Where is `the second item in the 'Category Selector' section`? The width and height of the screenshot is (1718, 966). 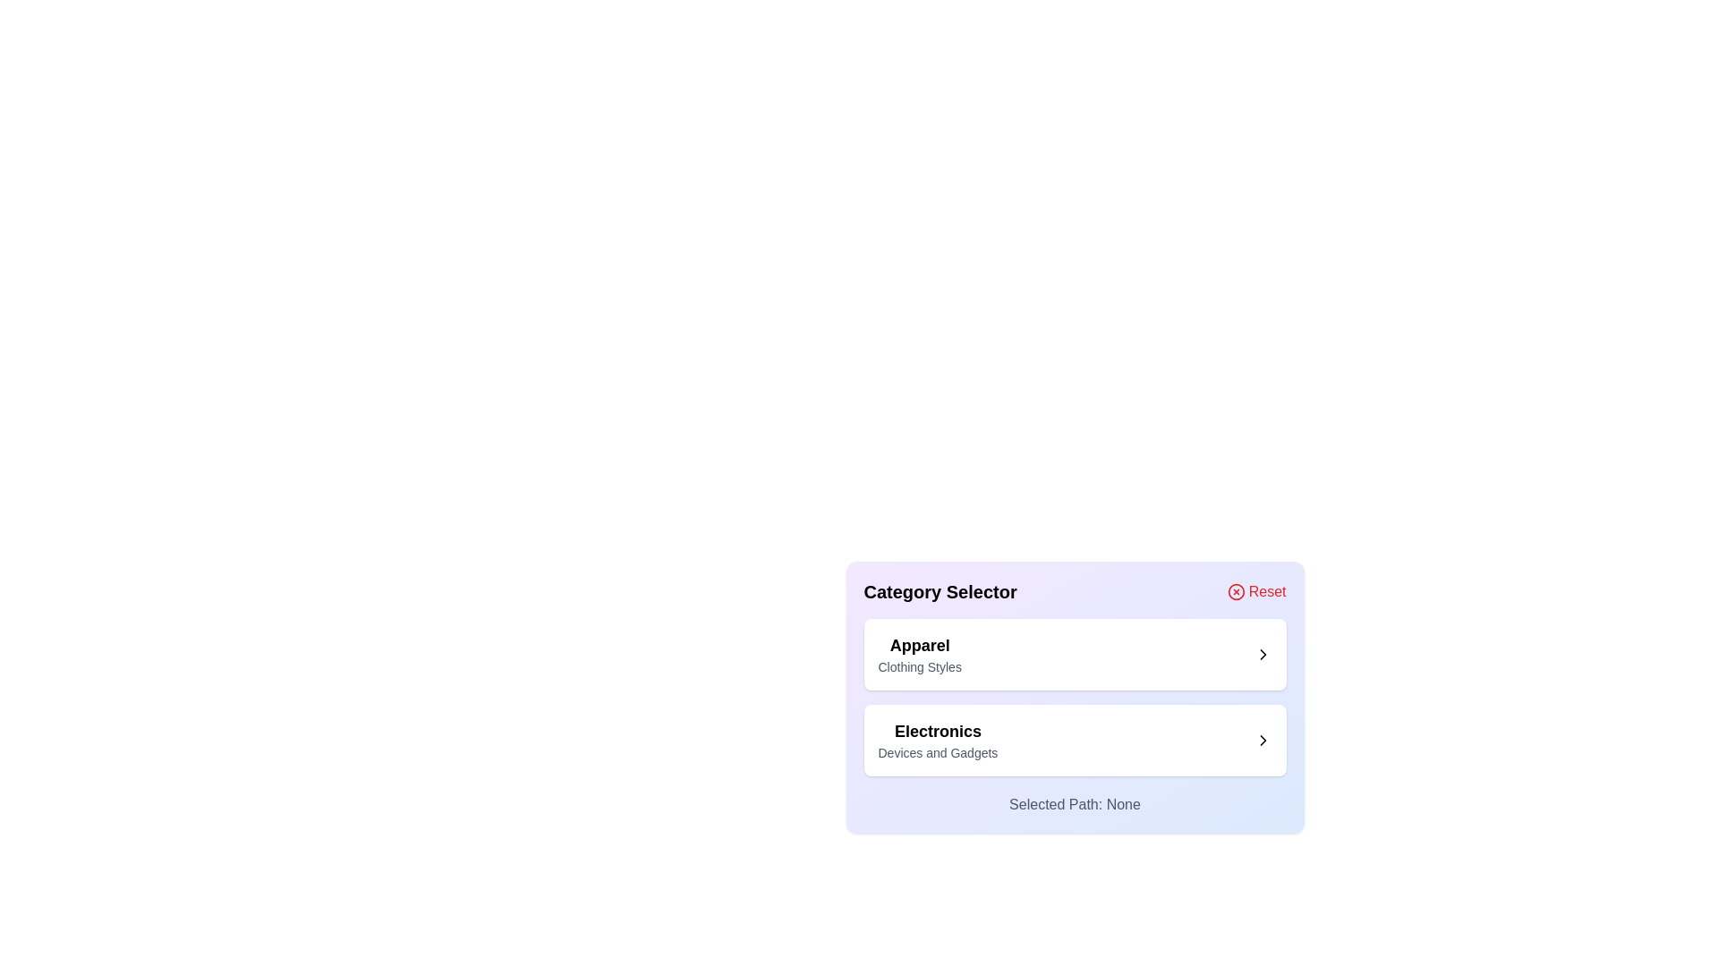
the second item in the 'Category Selector' section is located at coordinates (1074, 741).